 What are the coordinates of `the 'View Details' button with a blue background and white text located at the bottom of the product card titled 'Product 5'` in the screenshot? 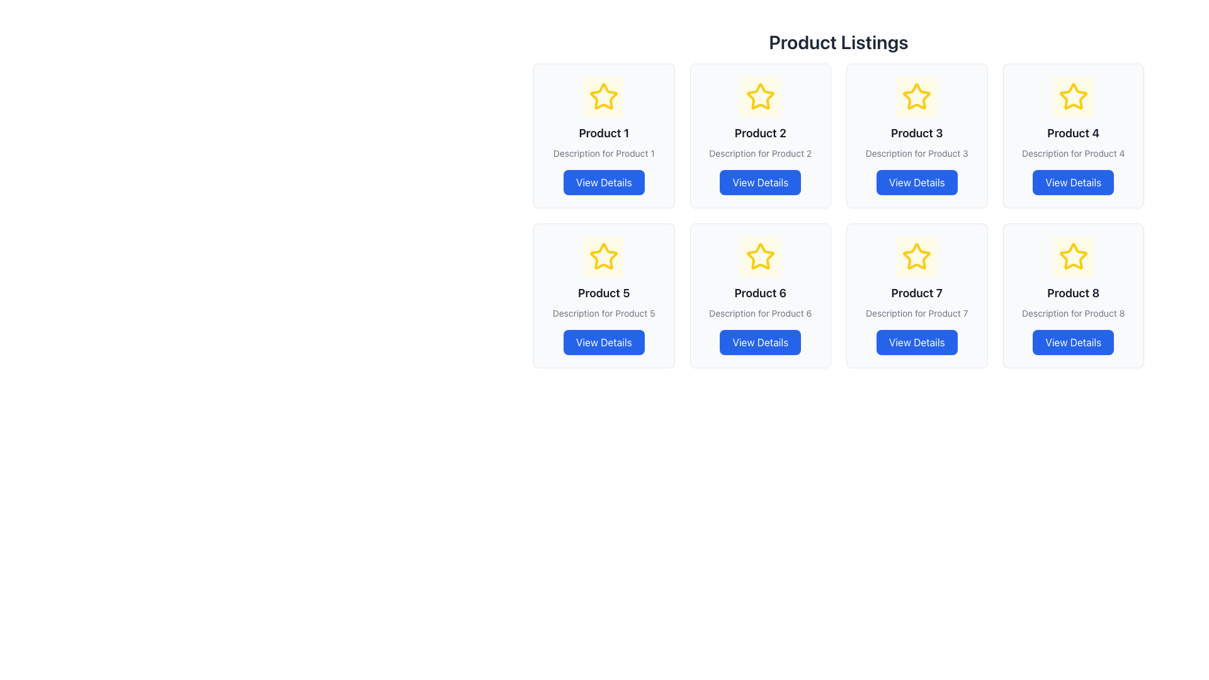 It's located at (603, 342).